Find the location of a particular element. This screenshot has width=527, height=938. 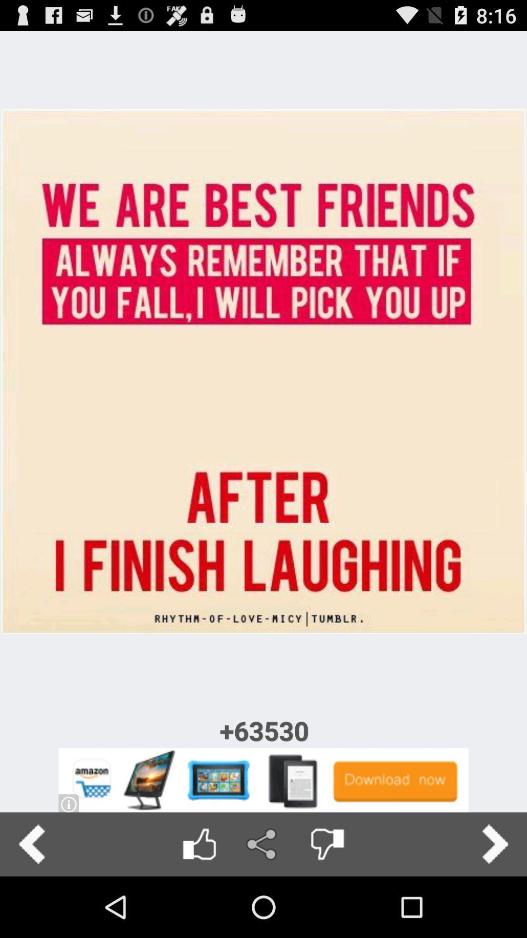

the arrow_backward icon is located at coordinates (31, 903).